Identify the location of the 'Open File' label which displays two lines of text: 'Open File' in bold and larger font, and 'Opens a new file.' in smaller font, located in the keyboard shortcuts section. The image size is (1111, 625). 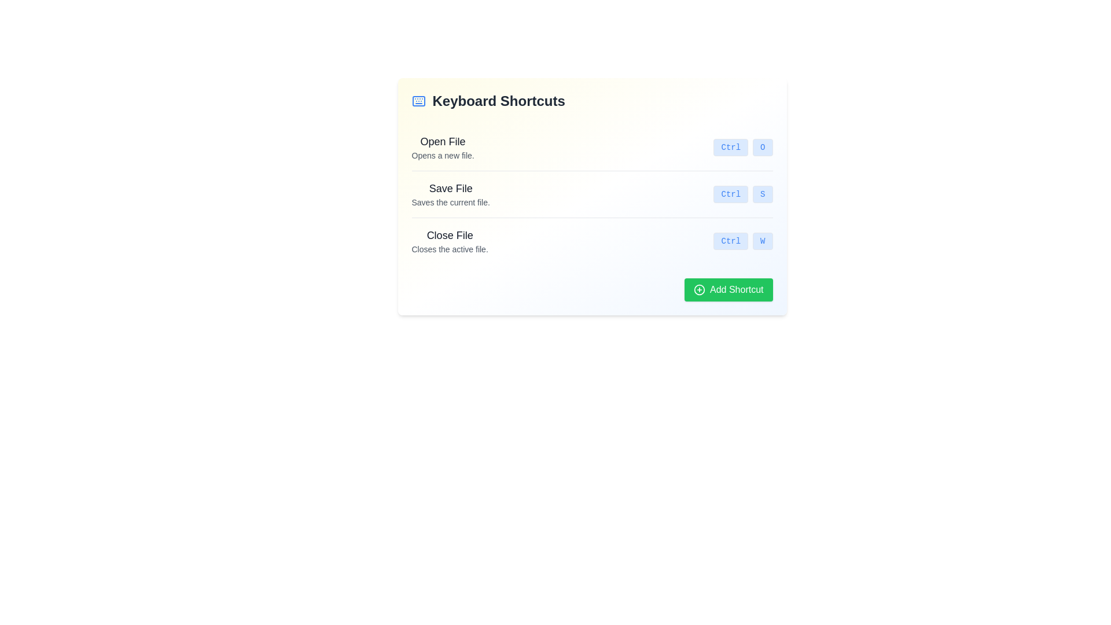
(442, 146).